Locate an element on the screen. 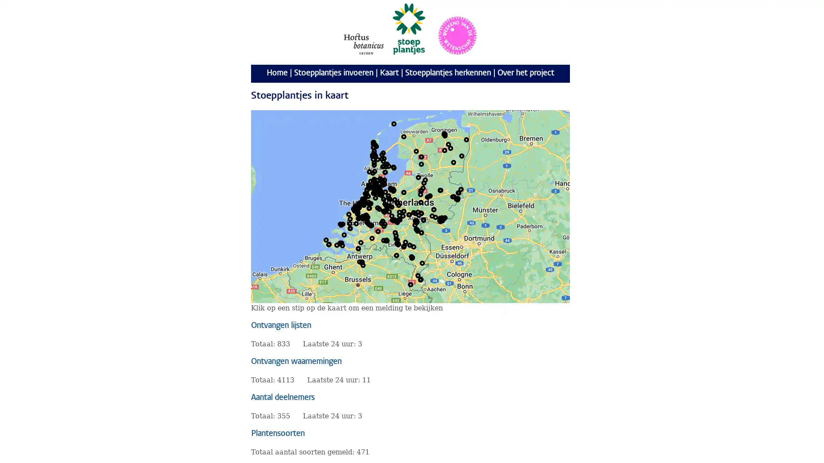  Telling van Hetty Verstraaten op 16 oktober 2021 is located at coordinates (421, 189).